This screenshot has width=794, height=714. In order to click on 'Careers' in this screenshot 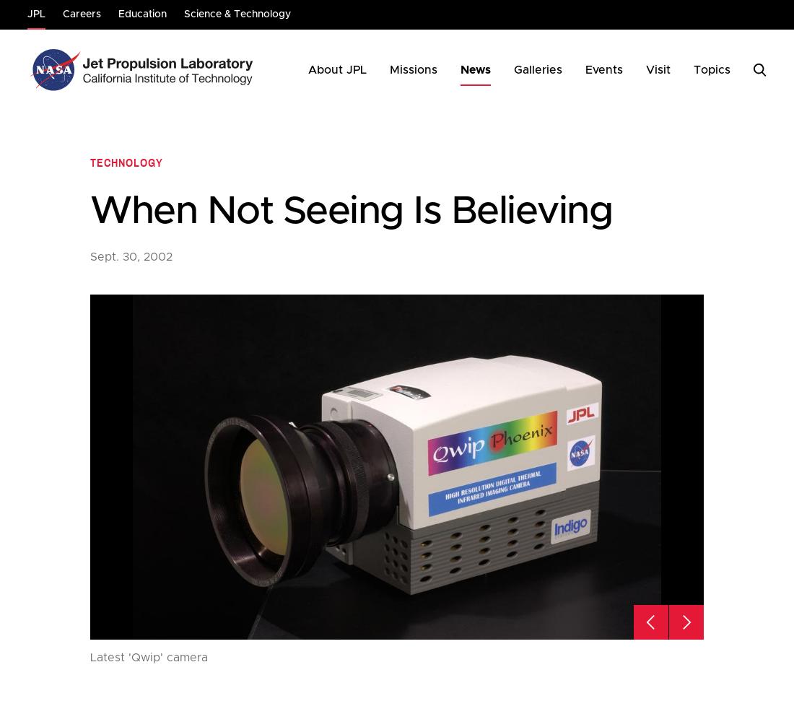, I will do `click(82, 13)`.